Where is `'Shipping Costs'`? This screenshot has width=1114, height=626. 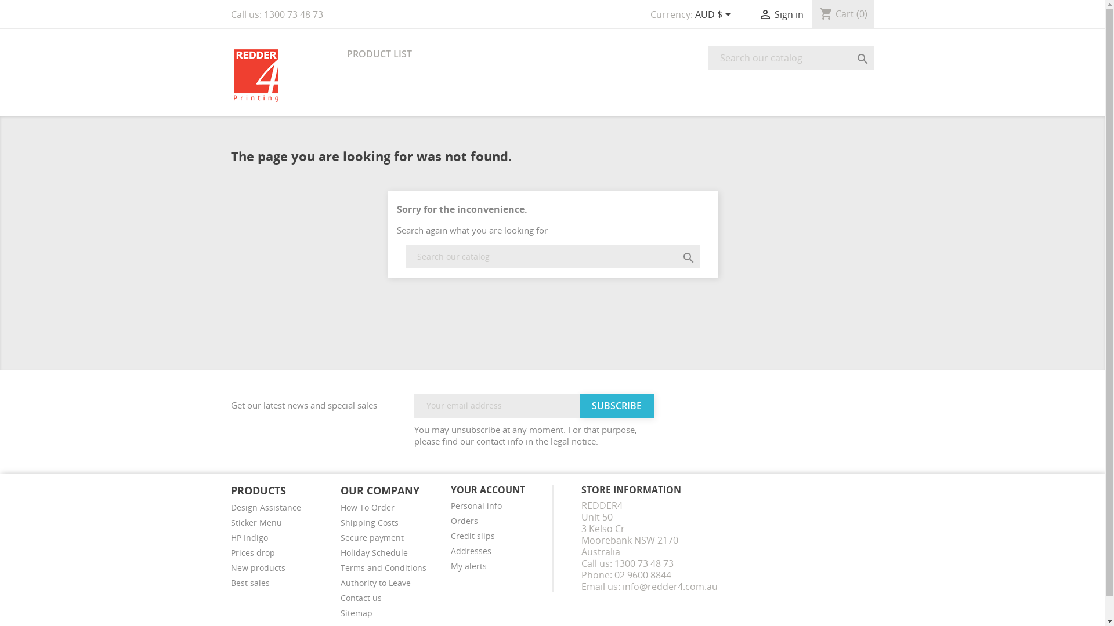 'Shipping Costs' is located at coordinates (369, 522).